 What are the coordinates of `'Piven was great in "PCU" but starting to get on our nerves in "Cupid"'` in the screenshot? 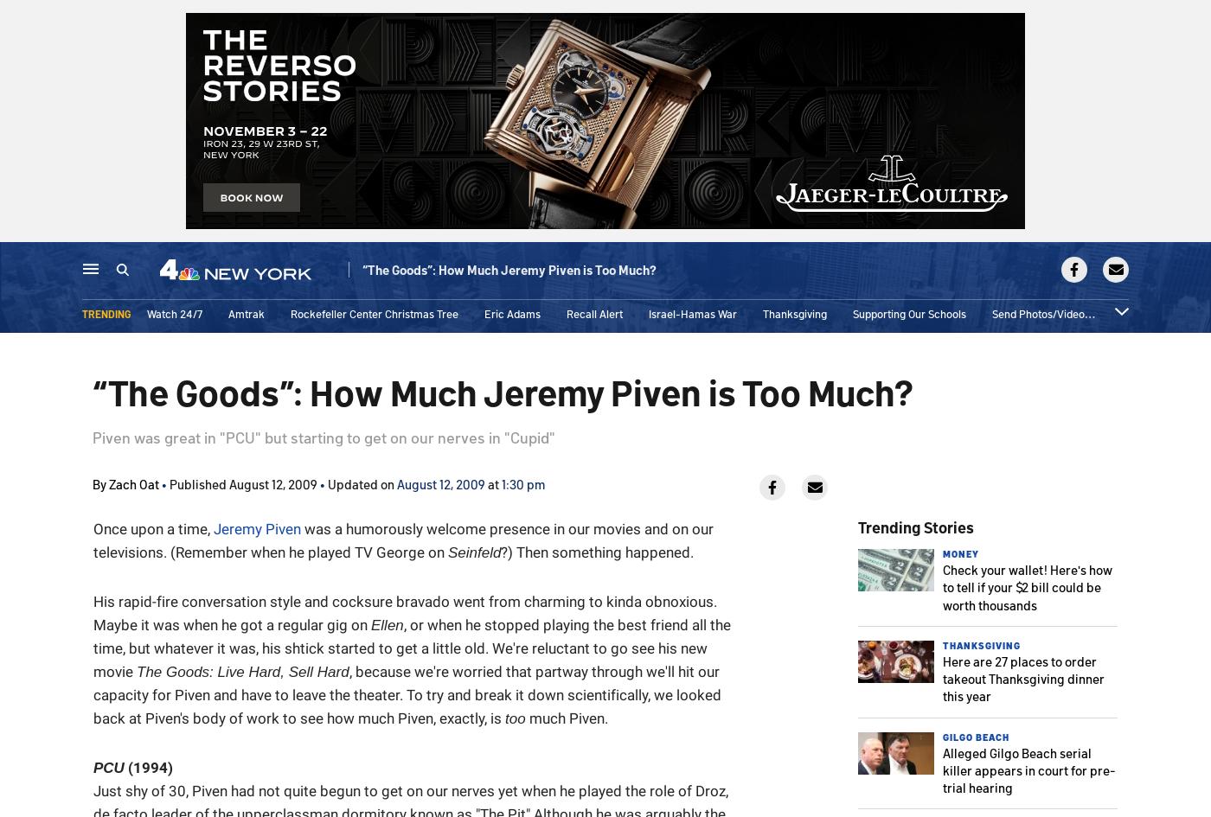 It's located at (324, 436).